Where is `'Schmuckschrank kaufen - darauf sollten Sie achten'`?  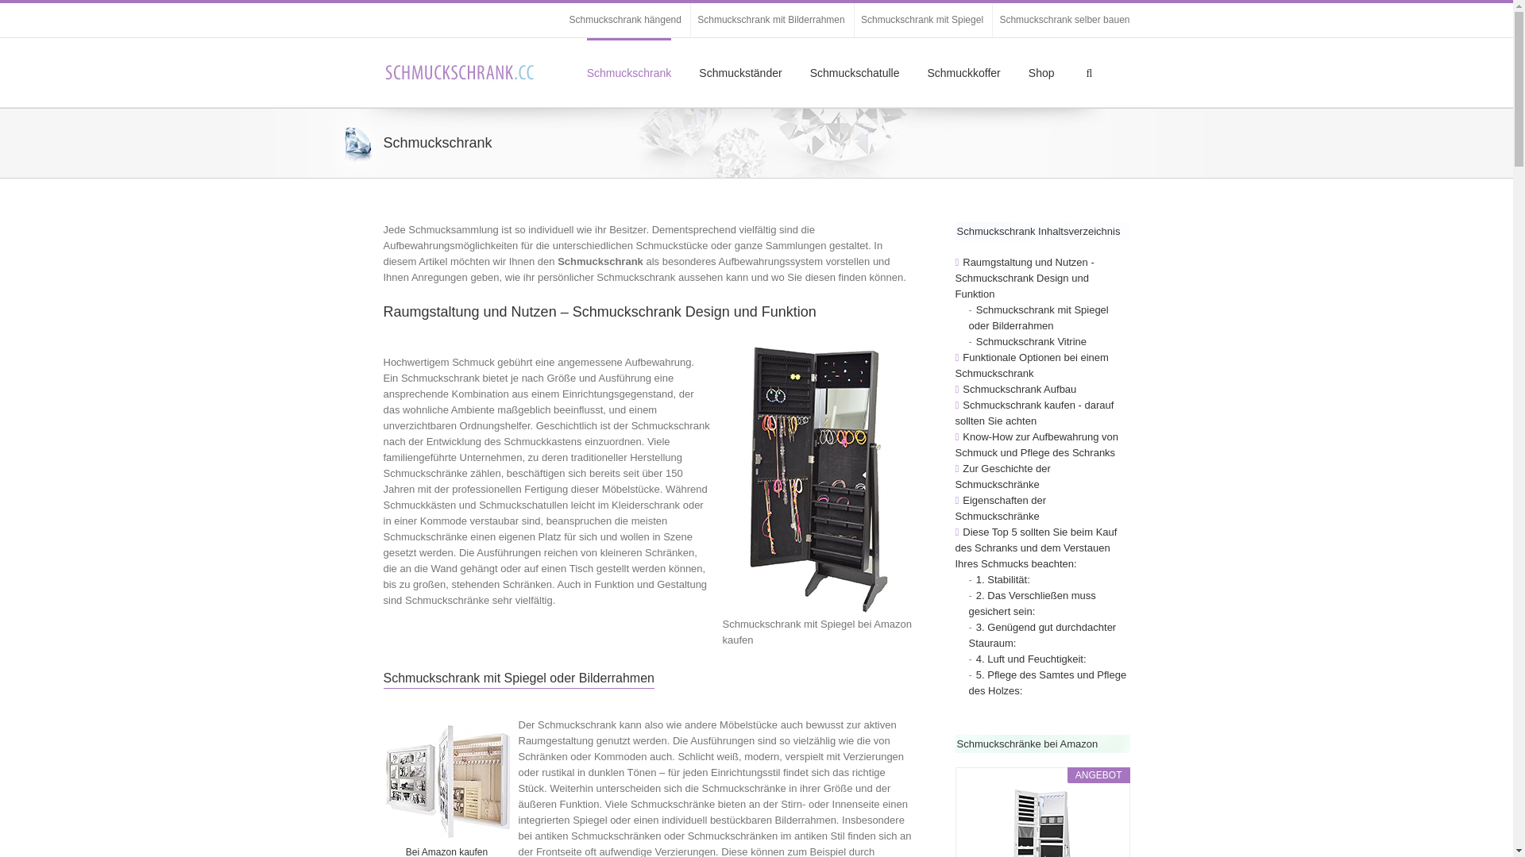 'Schmuckschrank kaufen - darauf sollten Sie achten' is located at coordinates (1033, 412).